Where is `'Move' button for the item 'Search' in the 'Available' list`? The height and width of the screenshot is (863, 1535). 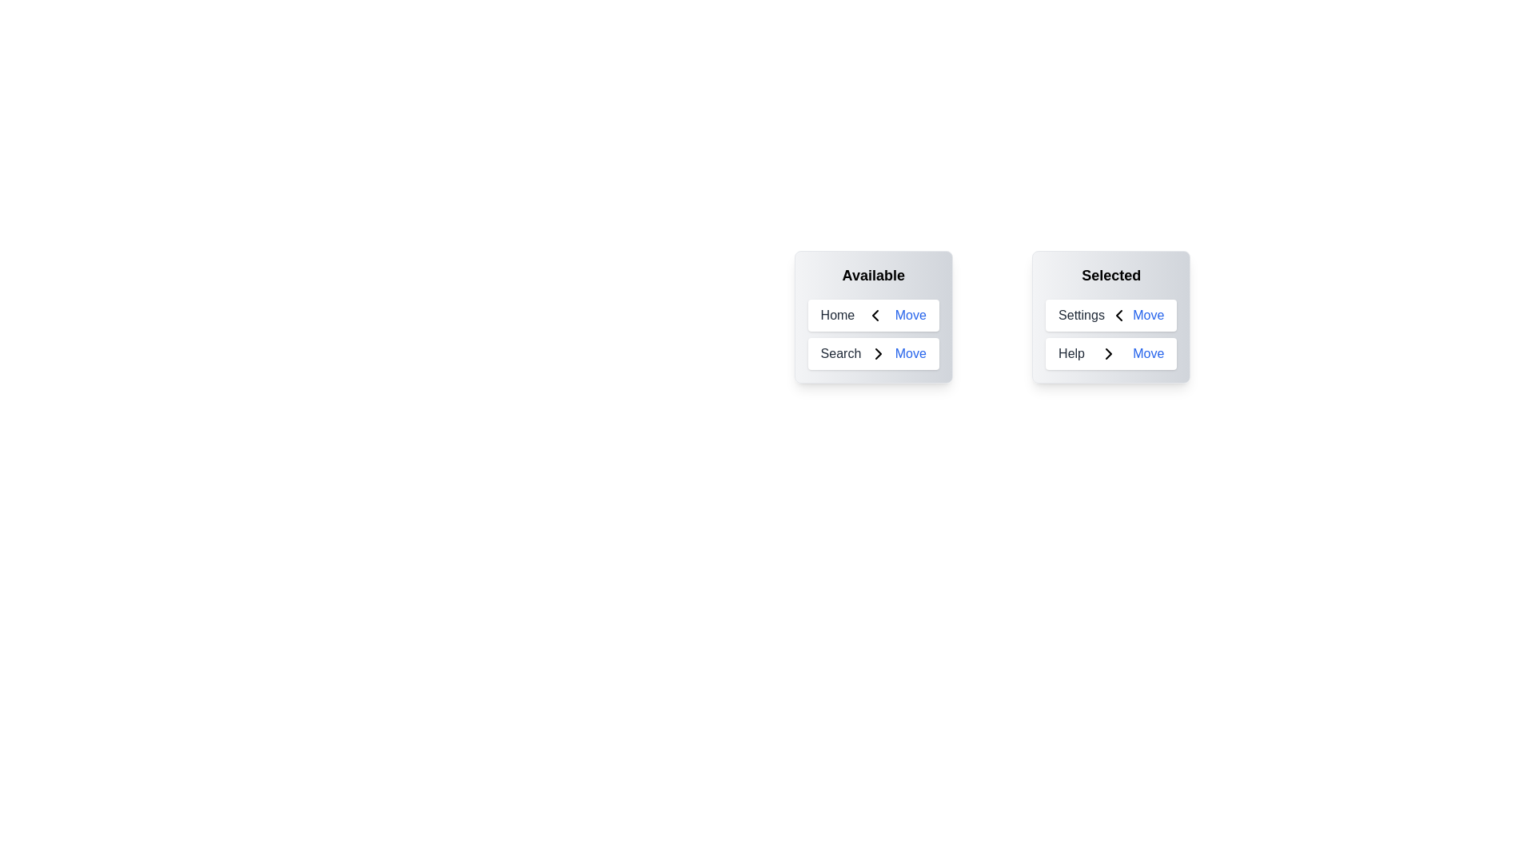 'Move' button for the item 'Search' in the 'Available' list is located at coordinates (839, 353).